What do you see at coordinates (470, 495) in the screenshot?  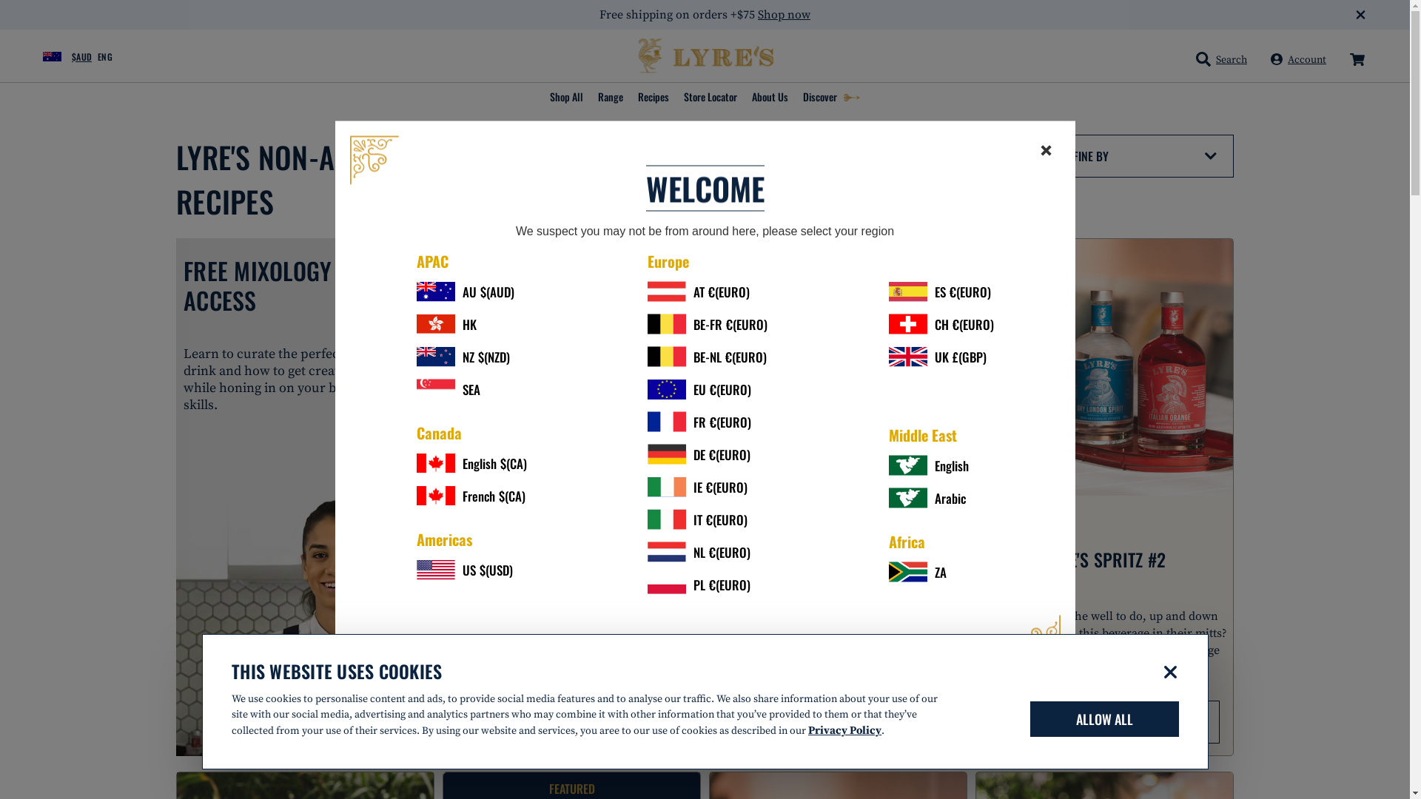 I see `'French` at bounding box center [470, 495].